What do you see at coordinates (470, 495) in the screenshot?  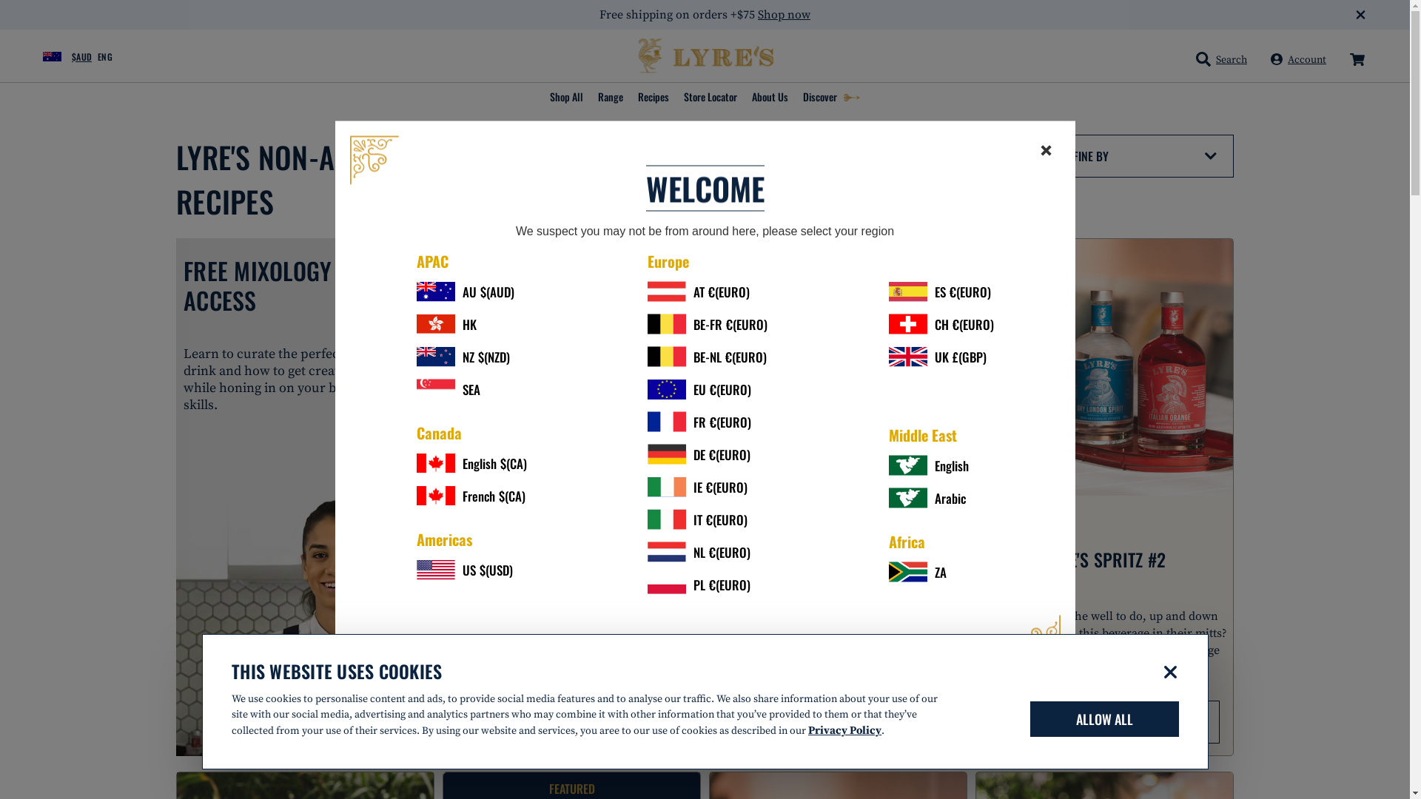 I see `'French` at bounding box center [470, 495].